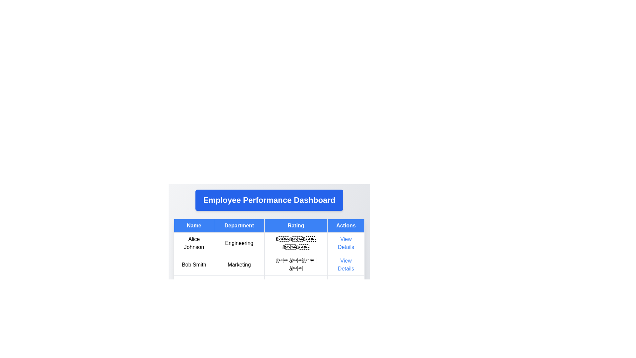 This screenshot has width=636, height=358. What do you see at coordinates (269, 275) in the screenshot?
I see `the Rating column element in the table that contains the stars for Alice Johnson and Bob Smith` at bounding box center [269, 275].